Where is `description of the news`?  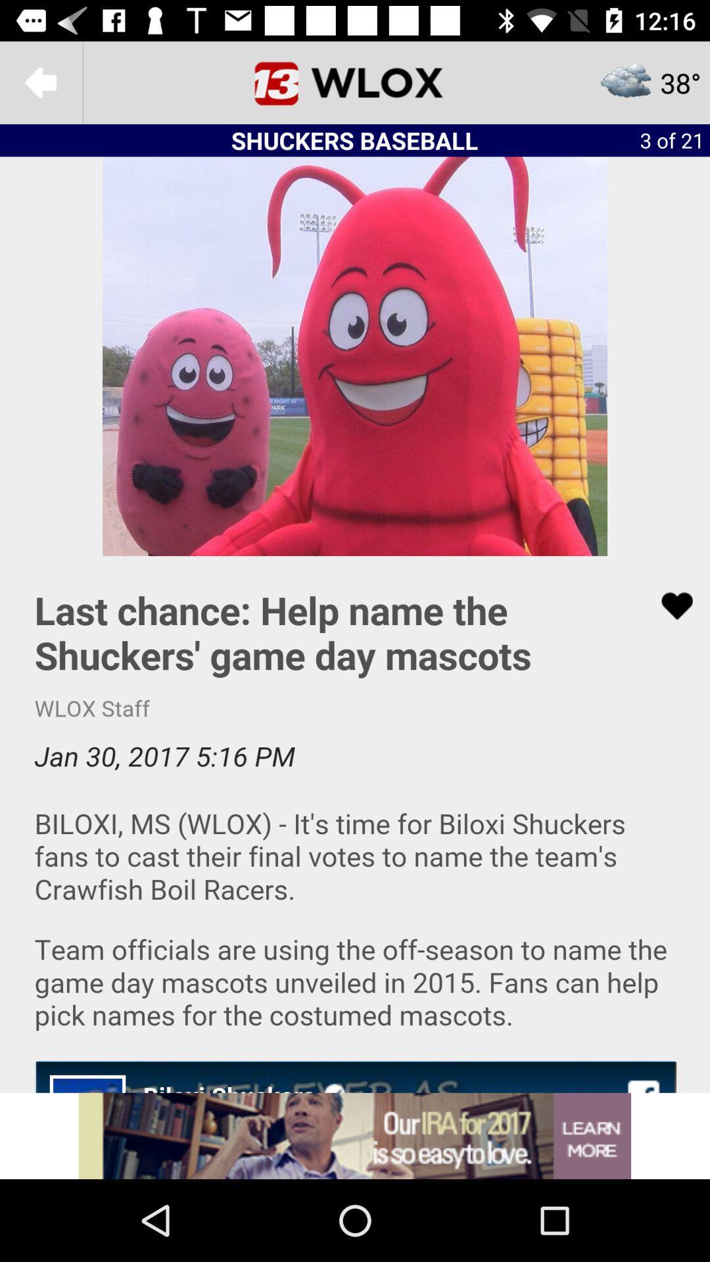 description of the news is located at coordinates (355, 824).